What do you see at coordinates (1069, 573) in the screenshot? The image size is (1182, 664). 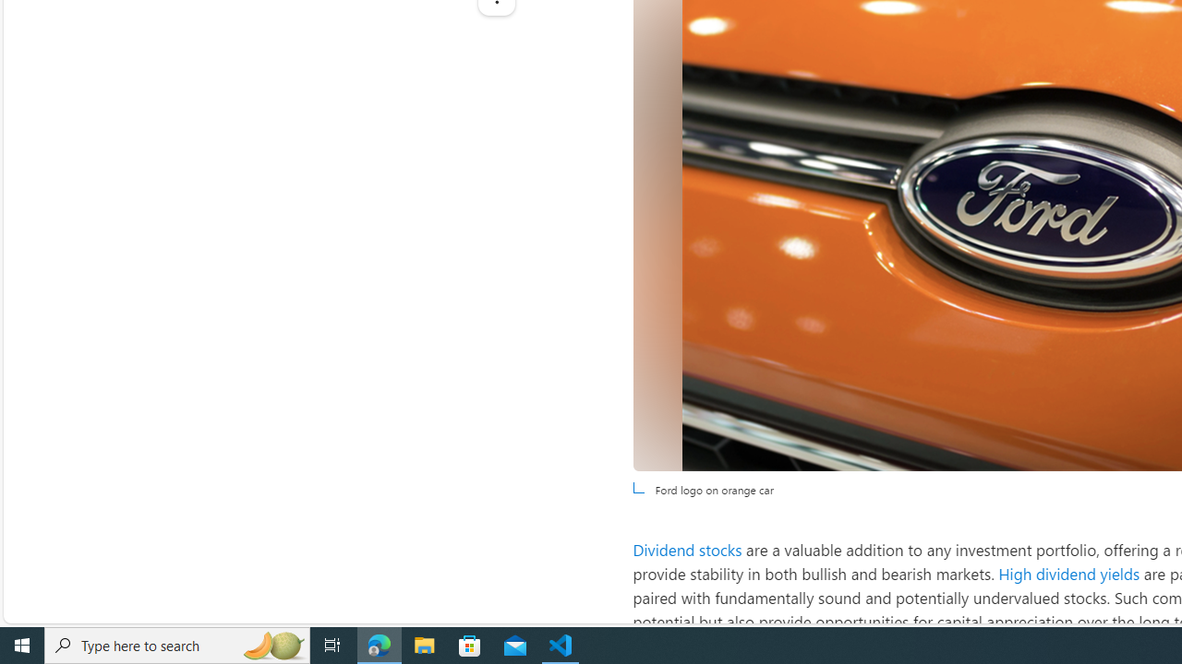 I see `'High dividend yields'` at bounding box center [1069, 573].